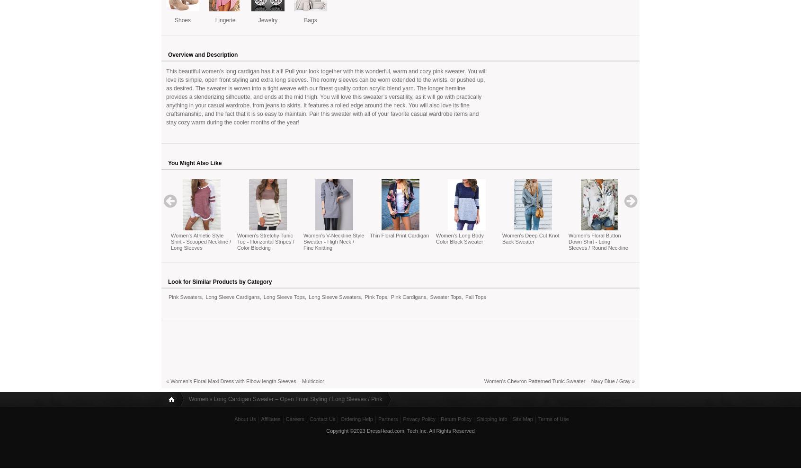 The width and height of the screenshot is (801, 473). What do you see at coordinates (522, 419) in the screenshot?
I see `'Site Map'` at bounding box center [522, 419].